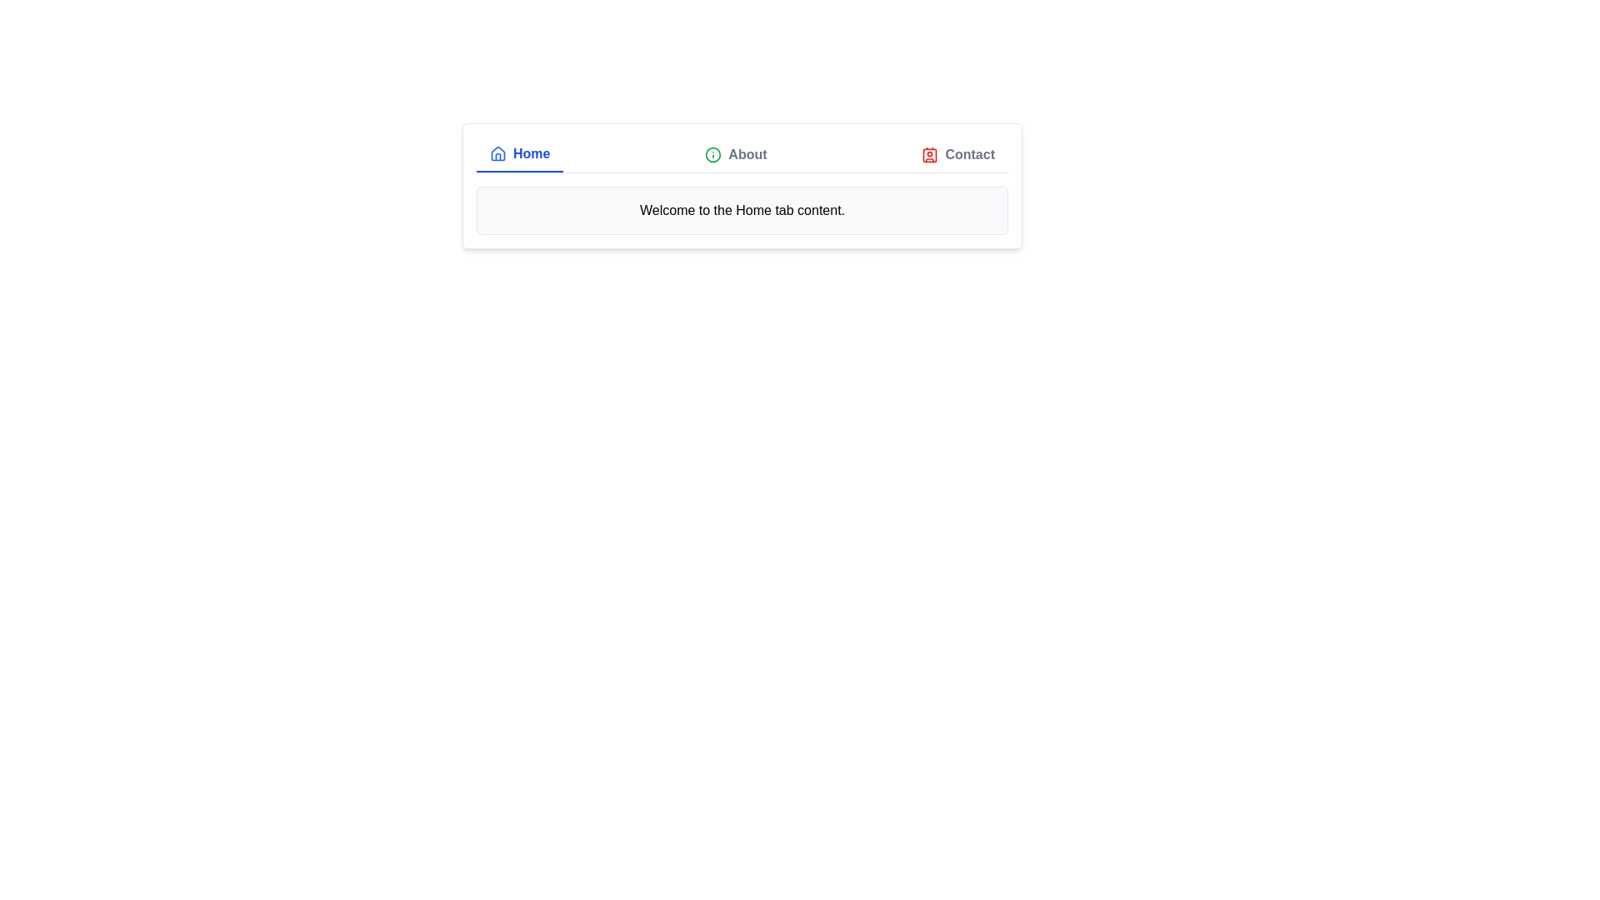  What do you see at coordinates (519, 154) in the screenshot?
I see `the 'Home' Navigation Tab` at bounding box center [519, 154].